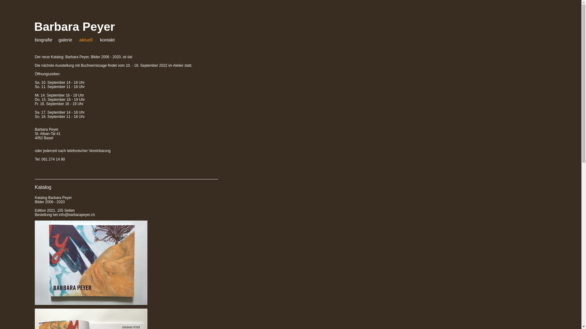  I want to click on 'info@barbarapeyer.ch', so click(77, 214).